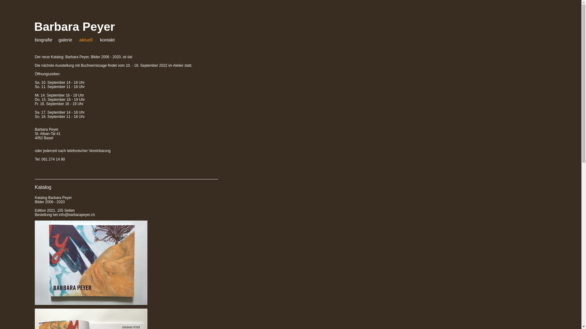  I want to click on 'info@barbarapeyer.ch', so click(77, 214).